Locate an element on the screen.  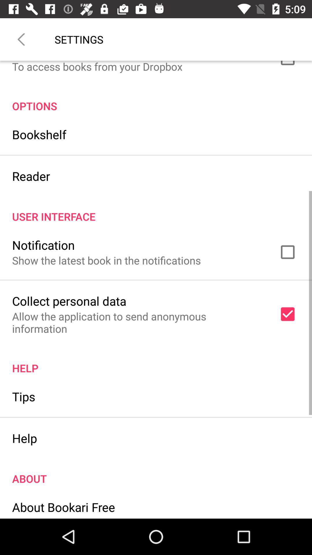
the item below to access books is located at coordinates (156, 100).